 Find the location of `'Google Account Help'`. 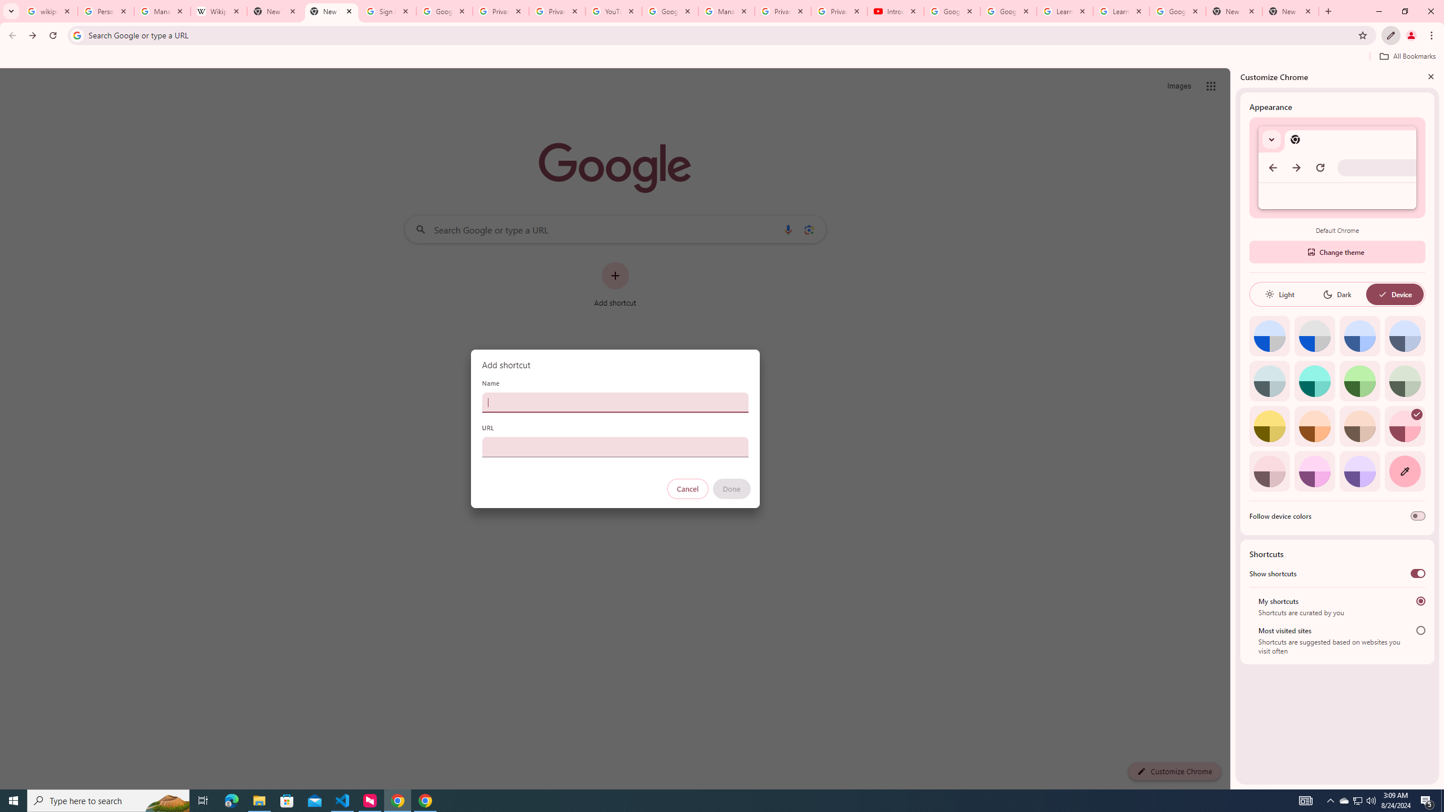

'Google Account Help' is located at coordinates (952, 11).